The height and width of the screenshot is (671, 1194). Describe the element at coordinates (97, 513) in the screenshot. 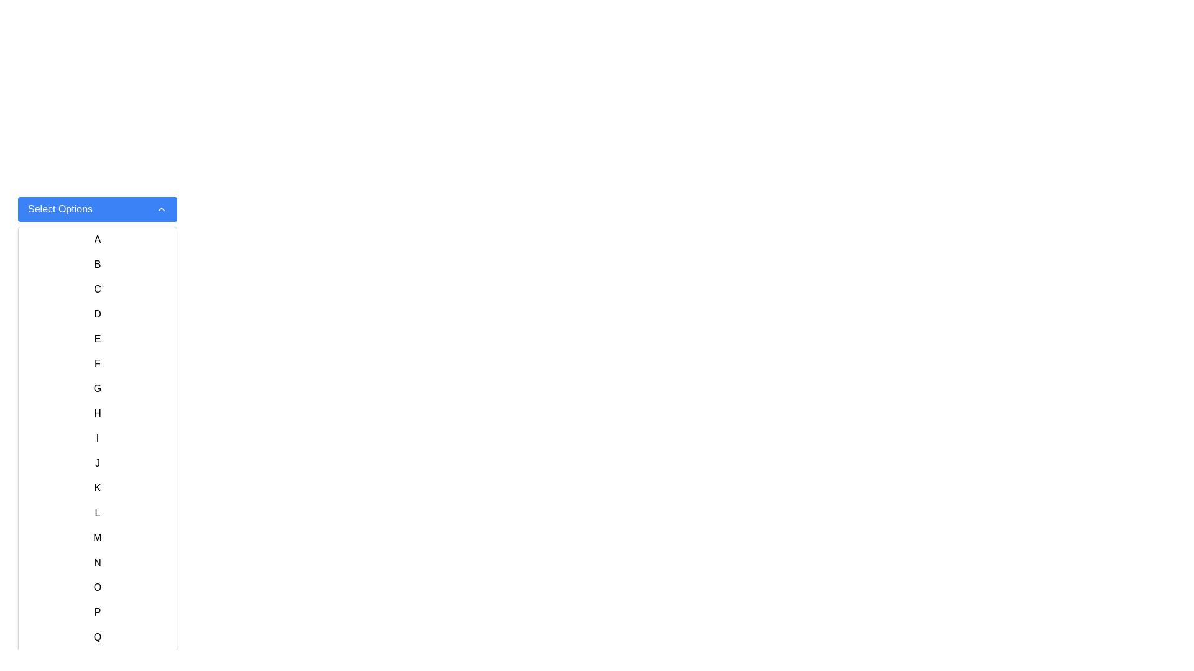

I see `the text item displaying the capital letter 'L' in the selectable list` at that location.